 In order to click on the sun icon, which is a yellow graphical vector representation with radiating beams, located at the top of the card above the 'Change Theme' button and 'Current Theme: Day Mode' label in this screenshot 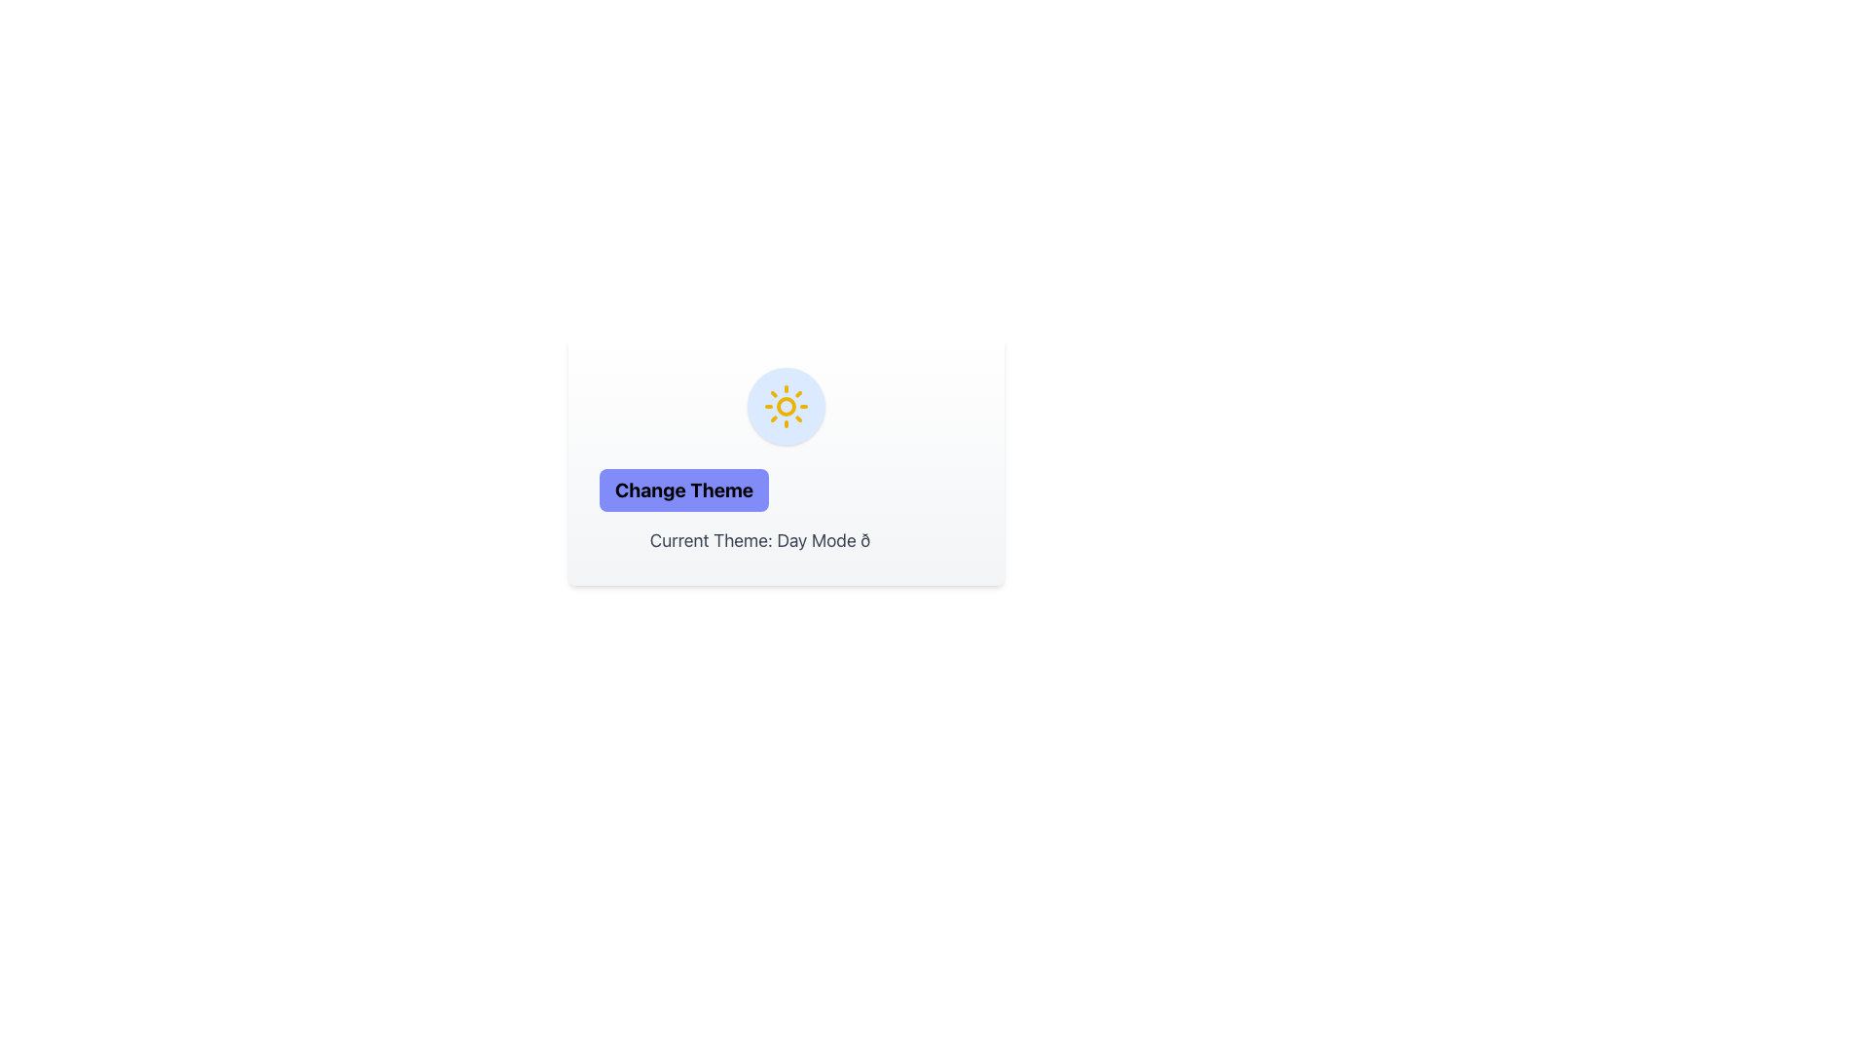, I will do `click(786, 405)`.